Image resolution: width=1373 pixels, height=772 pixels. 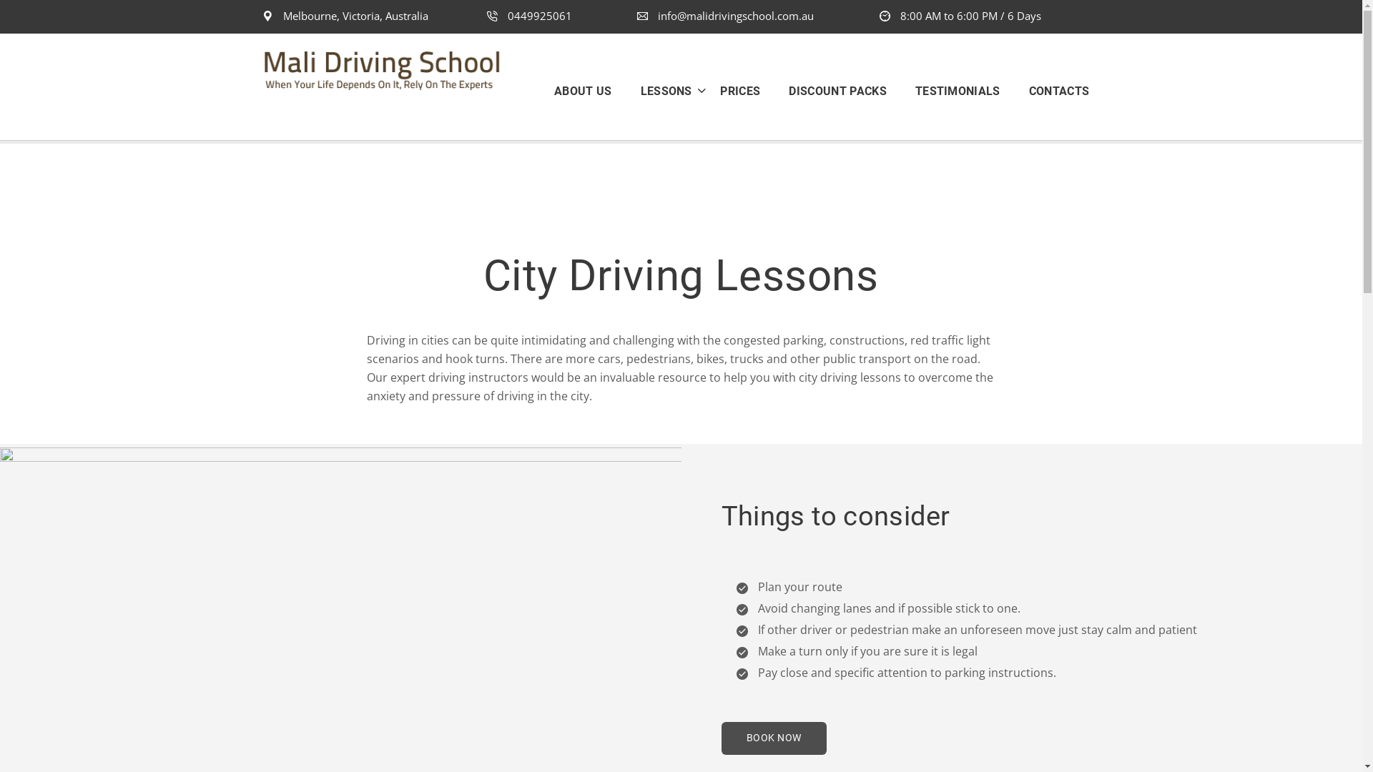 What do you see at coordinates (528, 16) in the screenshot?
I see `'0449925061'` at bounding box center [528, 16].